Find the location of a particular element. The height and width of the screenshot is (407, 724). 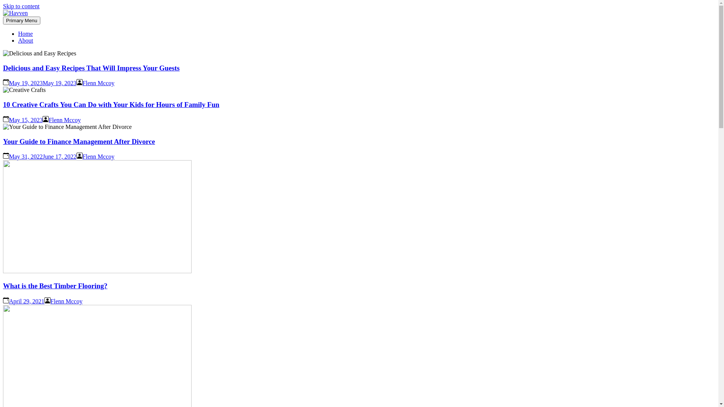

'Flenn Mccoy' is located at coordinates (98, 156).